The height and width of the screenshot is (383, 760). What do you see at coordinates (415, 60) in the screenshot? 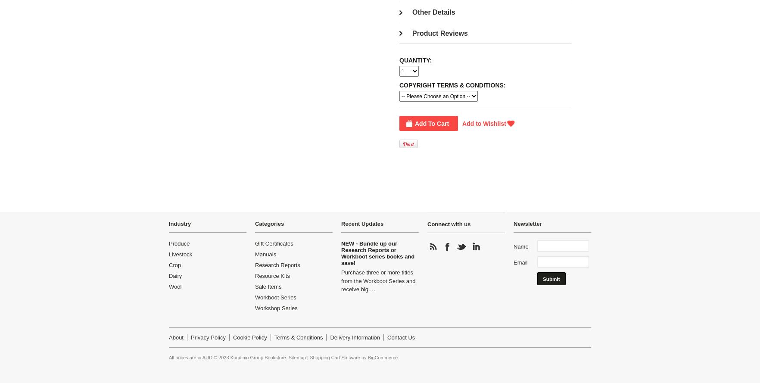
I see `'Quantity:'` at bounding box center [415, 60].